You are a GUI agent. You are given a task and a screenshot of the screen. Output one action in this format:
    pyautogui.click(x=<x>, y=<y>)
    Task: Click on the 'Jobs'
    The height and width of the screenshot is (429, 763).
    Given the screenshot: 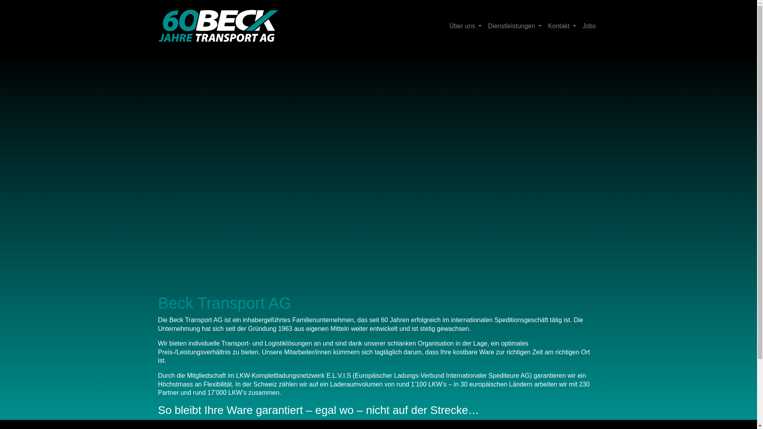 What is the action you would take?
    pyautogui.click(x=589, y=25)
    